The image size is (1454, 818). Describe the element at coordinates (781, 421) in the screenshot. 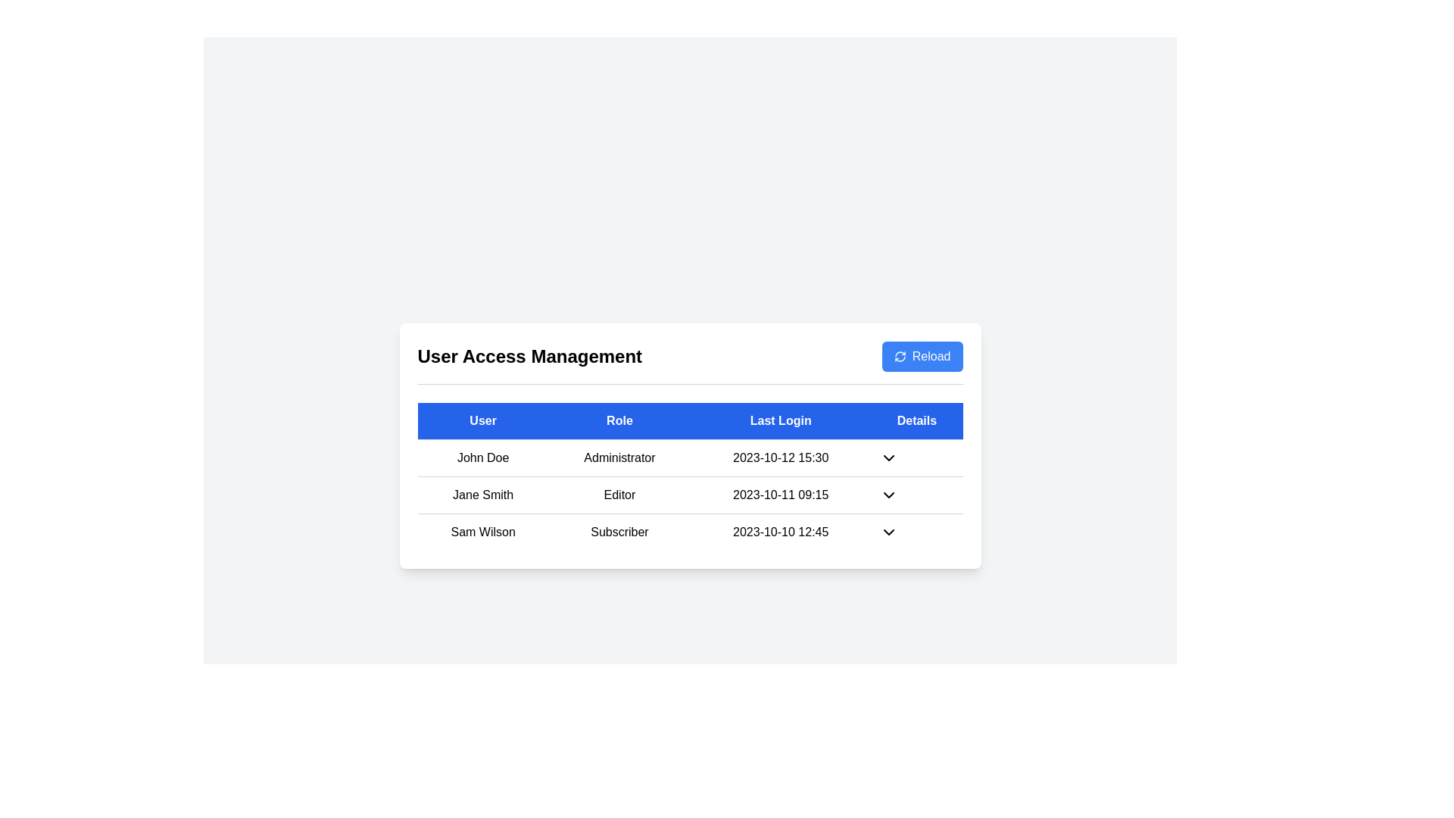

I see `the blue header cell labeled 'Last Login' in the user management system table, which is the third column from the left` at that location.